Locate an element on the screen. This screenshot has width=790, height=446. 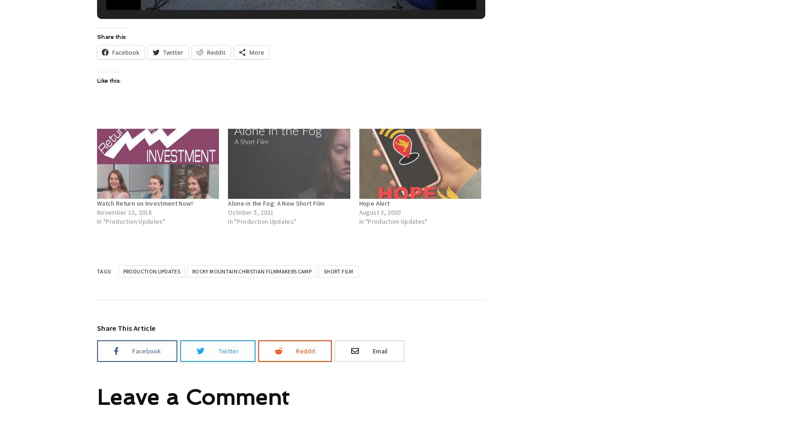
'Tags:' is located at coordinates (104, 270).